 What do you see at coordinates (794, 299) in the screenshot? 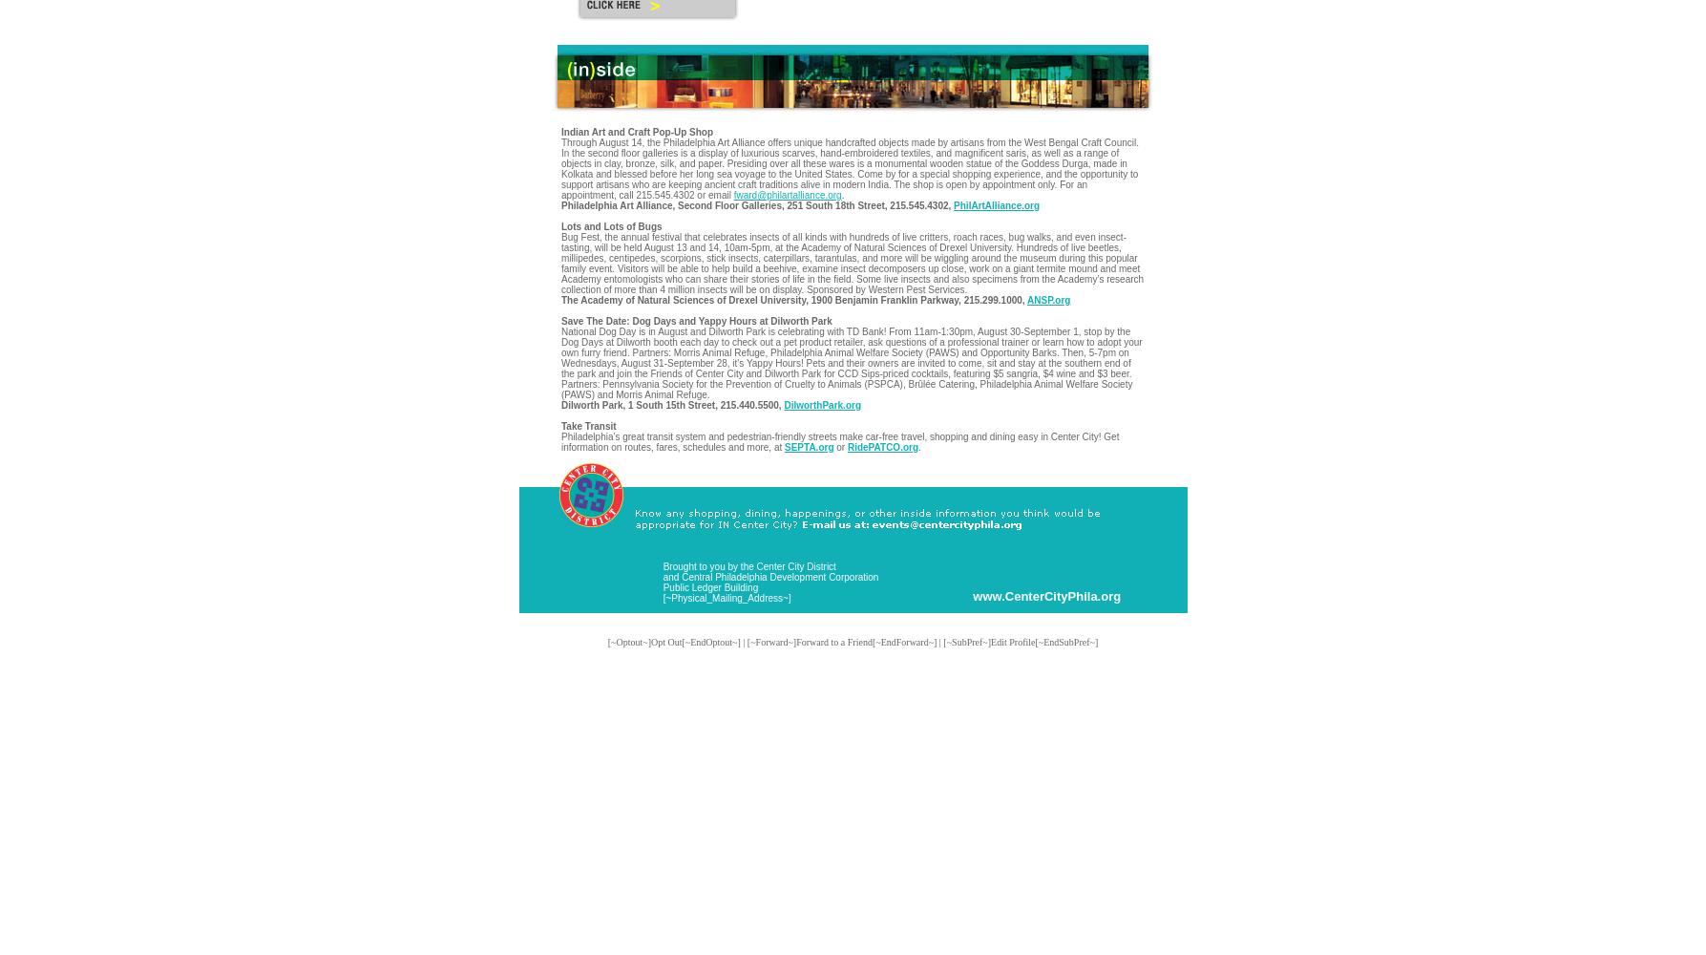
I see `'The Academy of Natural Sciences of Drexel University, 1900 Benjamin Franklin Parkway, 215.299.1000,'` at bounding box center [794, 299].